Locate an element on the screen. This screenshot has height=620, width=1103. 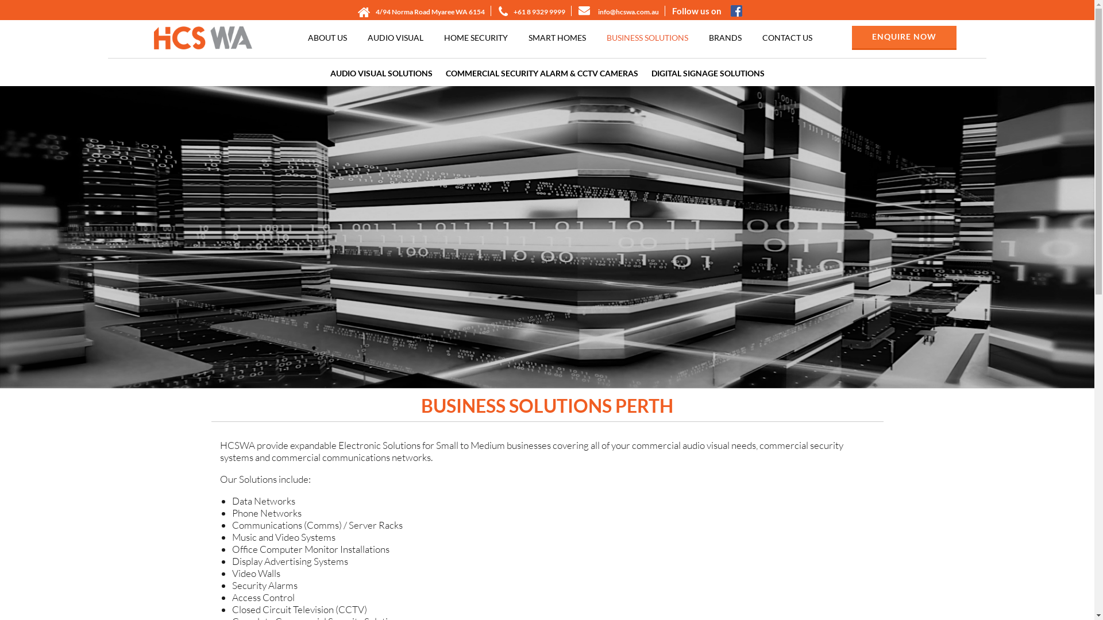
'DIGITAL SIGNAGE SOLUTIONS' is located at coordinates (707, 72).